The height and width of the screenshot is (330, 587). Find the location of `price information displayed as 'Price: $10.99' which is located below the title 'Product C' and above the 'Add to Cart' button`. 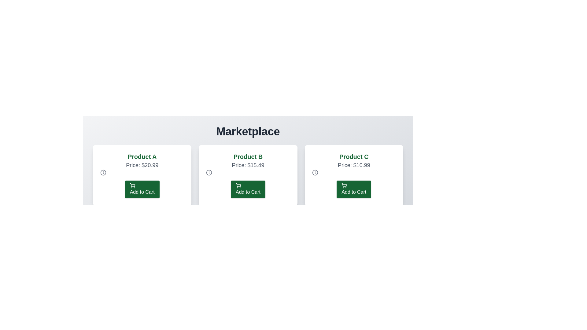

price information displayed as 'Price: $10.99' which is located below the title 'Product C' and above the 'Add to Cart' button is located at coordinates (354, 165).